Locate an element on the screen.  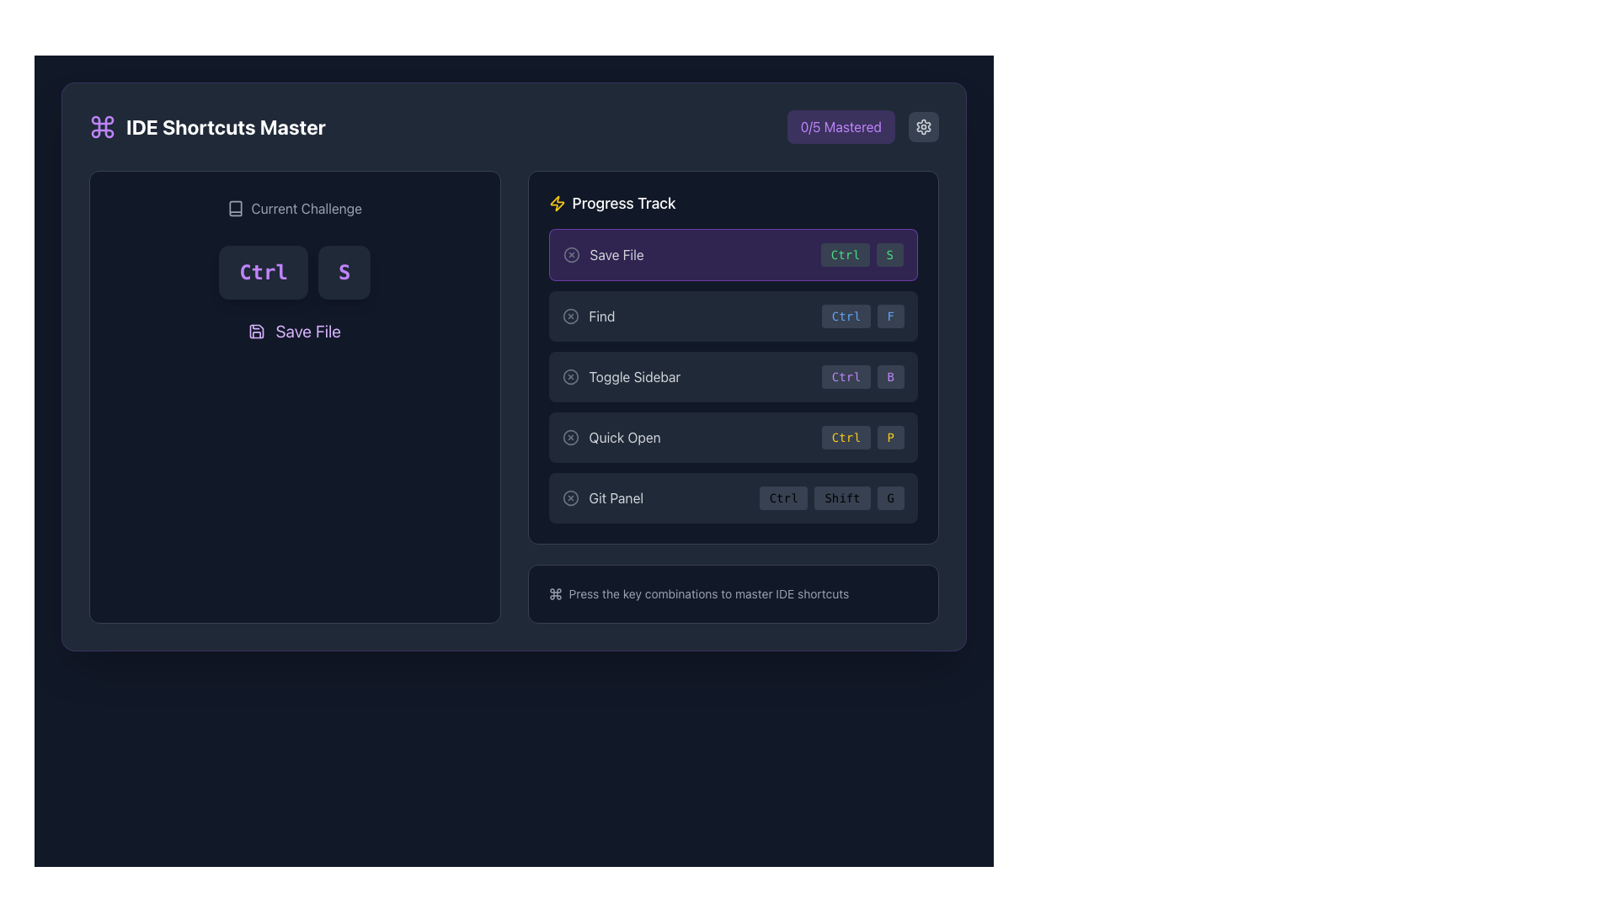
the close or cancel icon is located at coordinates (570, 316).